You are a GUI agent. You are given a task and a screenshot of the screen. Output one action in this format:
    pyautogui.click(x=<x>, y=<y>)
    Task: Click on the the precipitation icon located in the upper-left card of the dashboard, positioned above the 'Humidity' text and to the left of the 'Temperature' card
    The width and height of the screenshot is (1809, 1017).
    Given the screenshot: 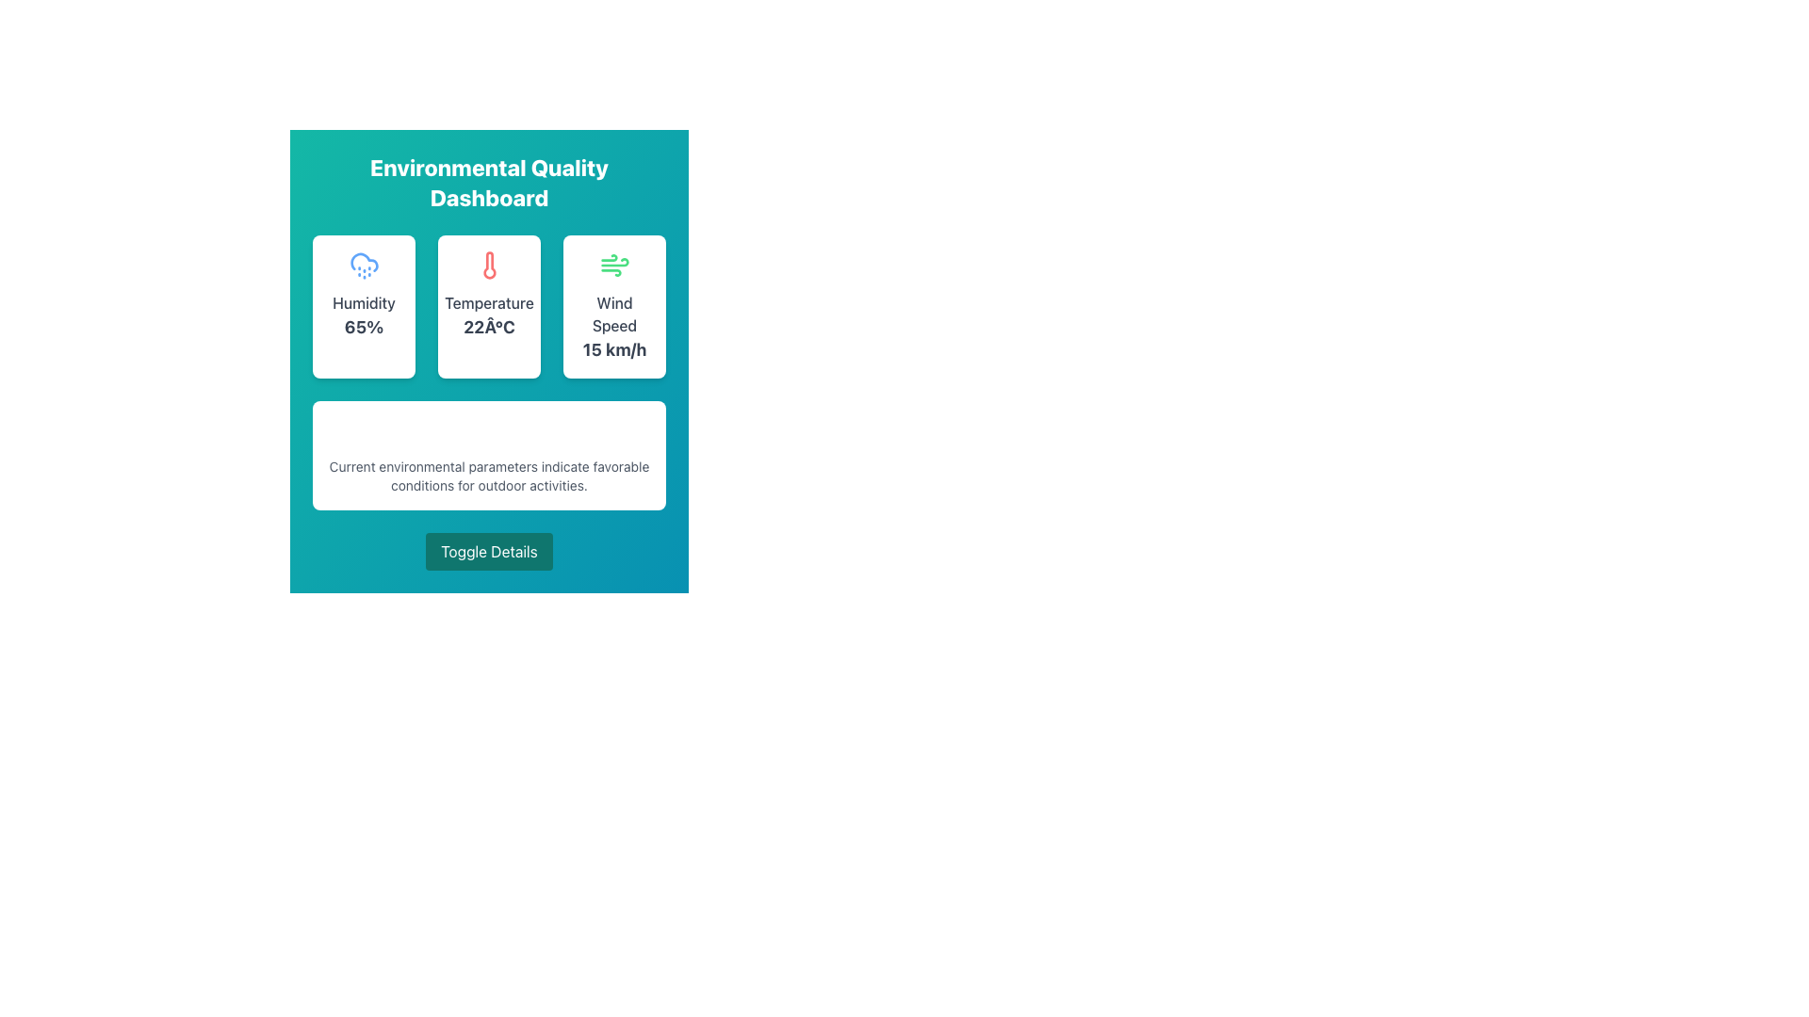 What is the action you would take?
    pyautogui.click(x=364, y=265)
    